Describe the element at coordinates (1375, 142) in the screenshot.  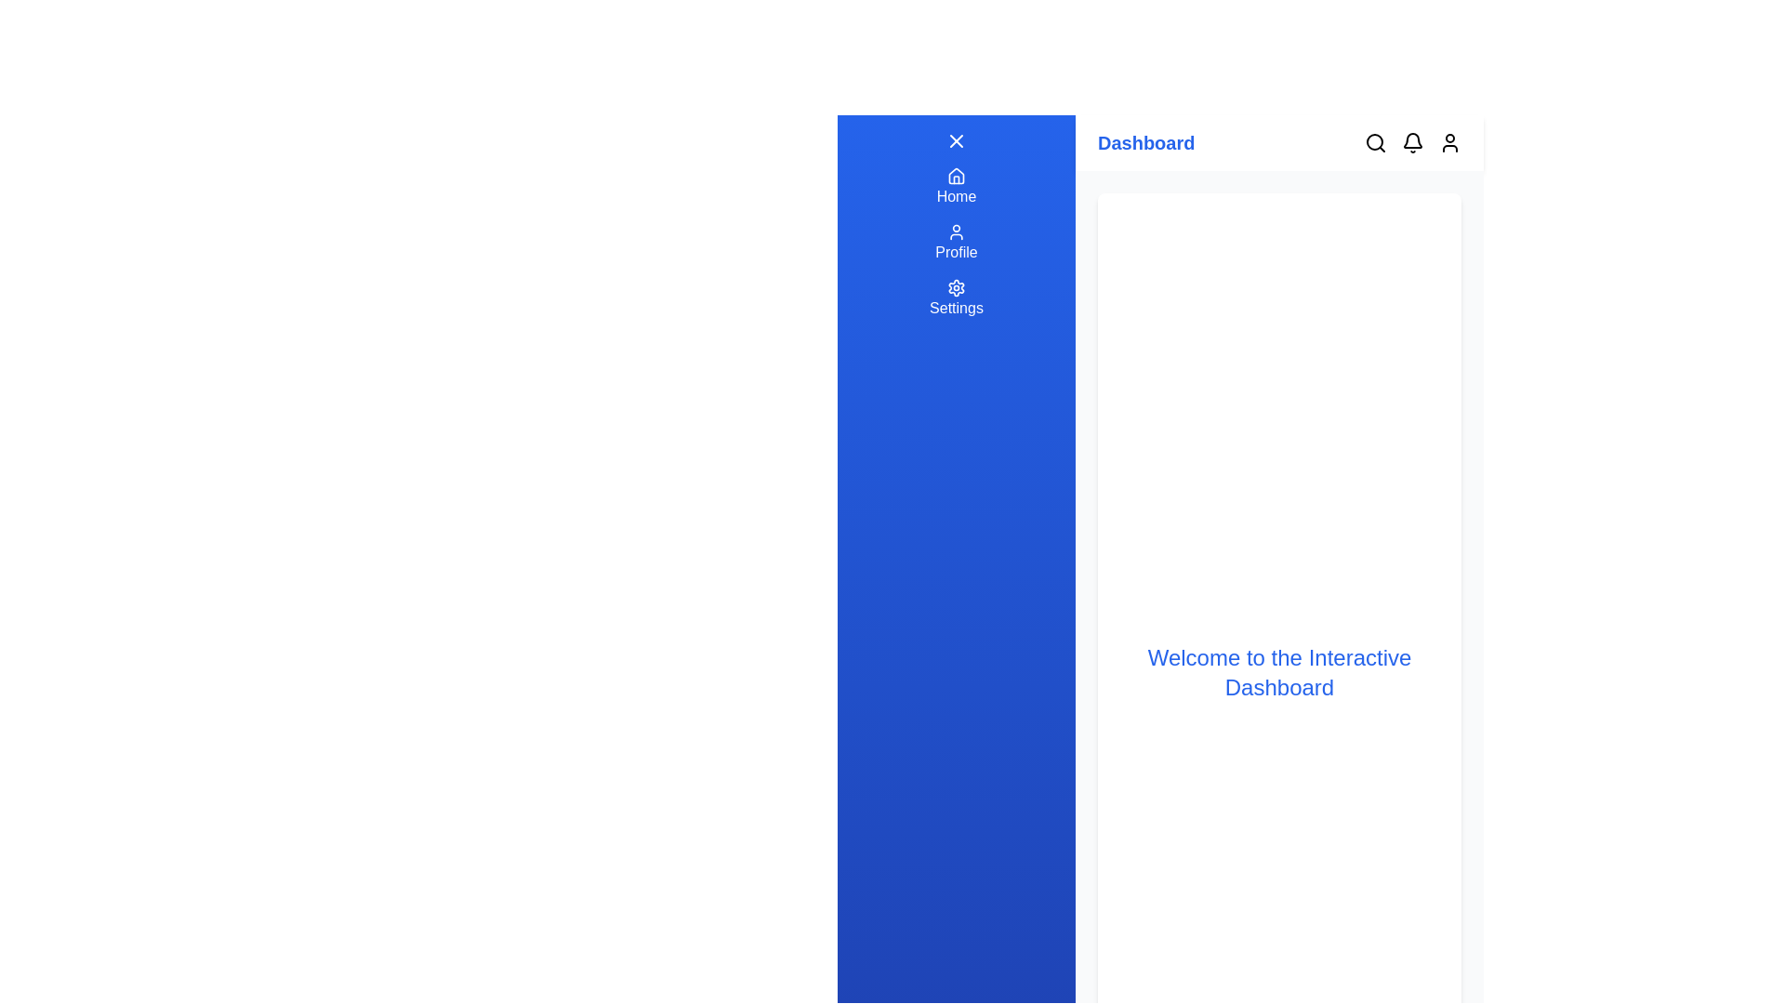
I see `the magnifying glass icon located at the top-right corner of the interface` at that location.